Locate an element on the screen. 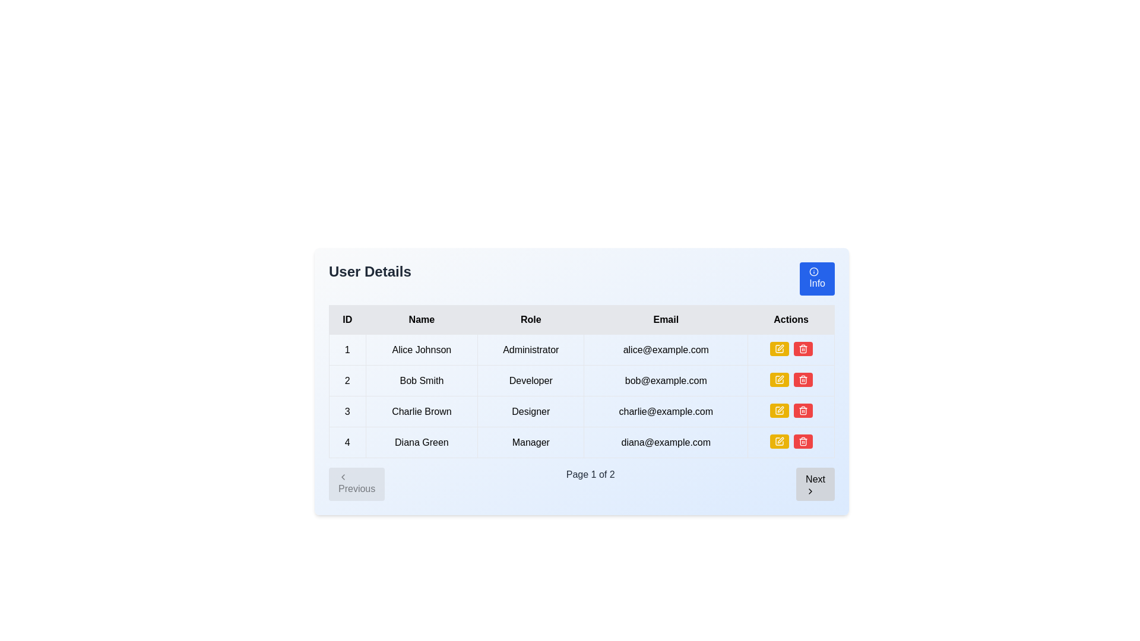 This screenshot has width=1140, height=641. the 'Name' field displaying 'Diana Green' located in the fourth row, second column of the user details table is located at coordinates (422, 442).